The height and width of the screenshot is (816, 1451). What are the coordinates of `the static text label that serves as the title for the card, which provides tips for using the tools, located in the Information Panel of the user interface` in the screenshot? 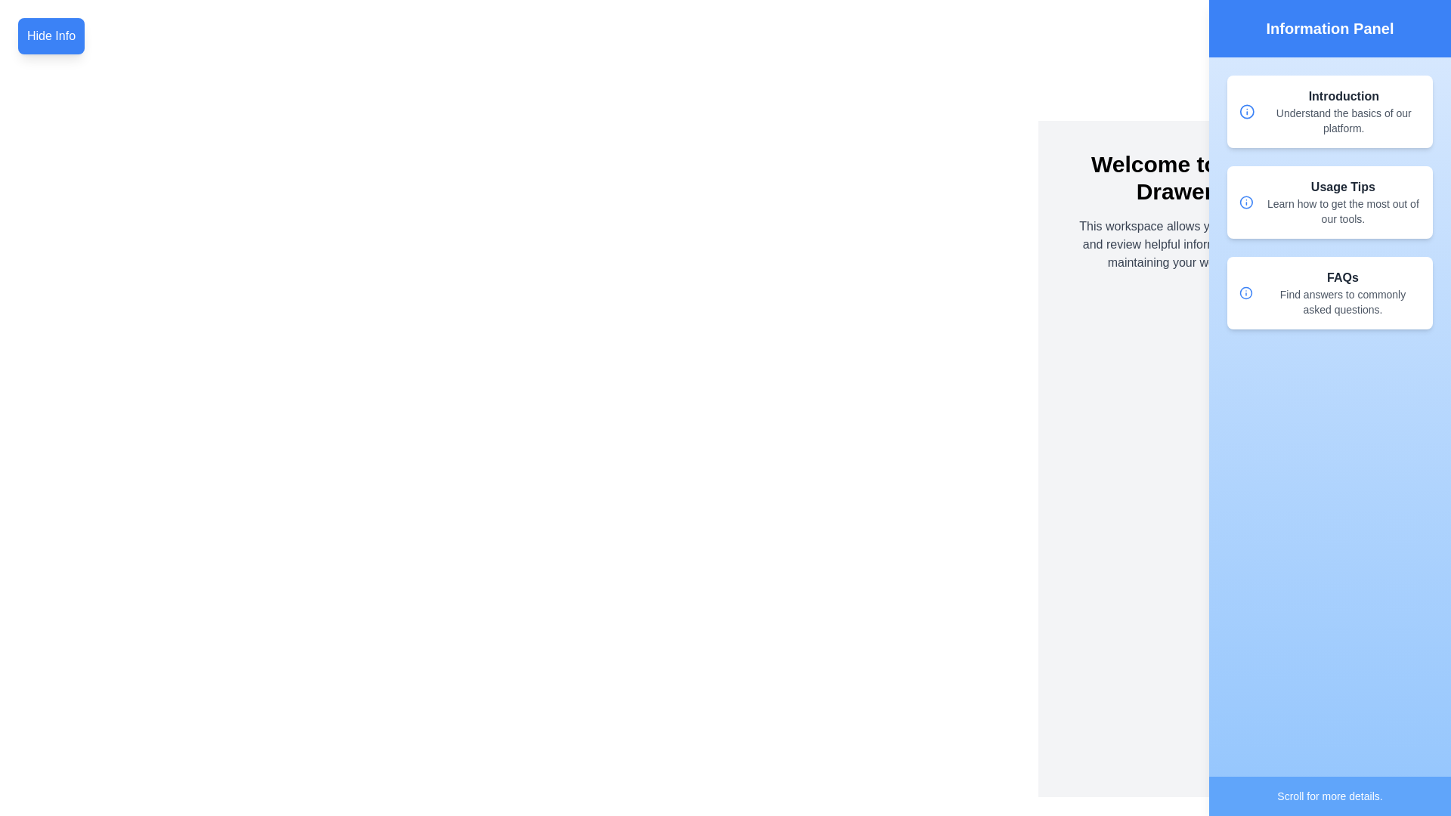 It's located at (1343, 186).